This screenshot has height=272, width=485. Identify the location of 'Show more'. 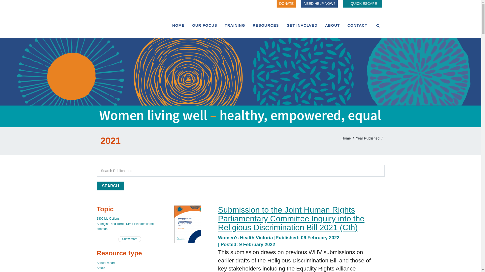
(130, 239).